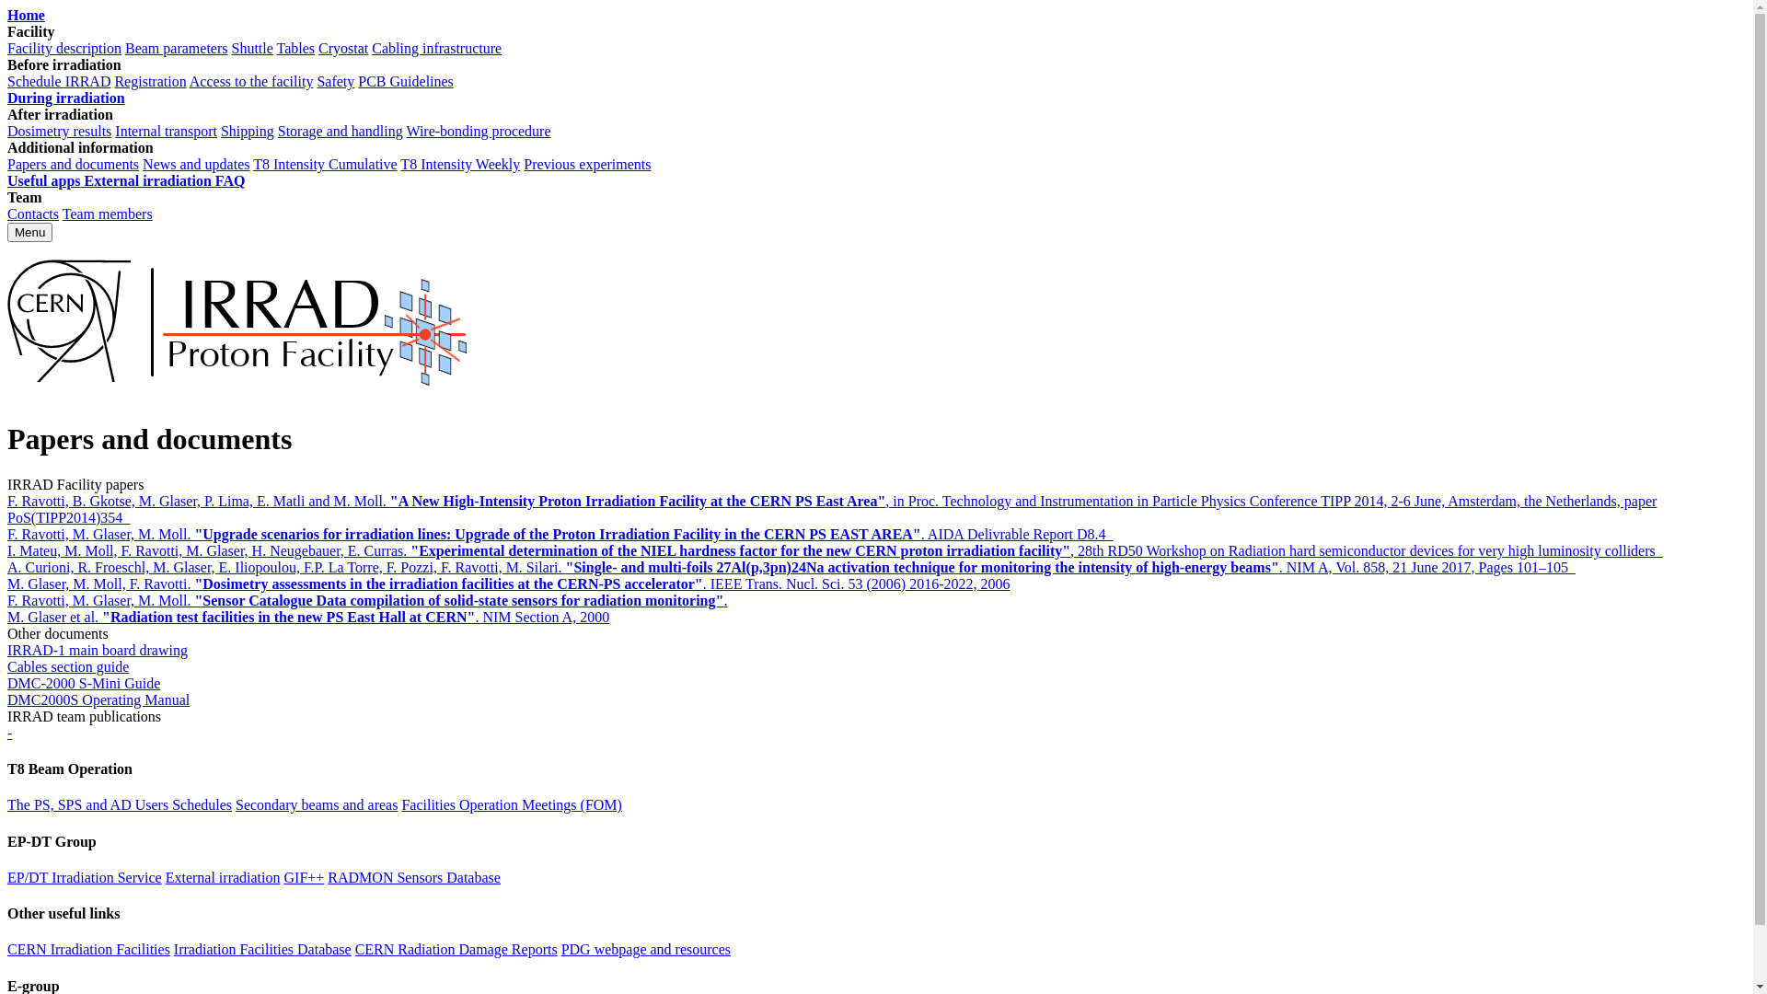  What do you see at coordinates (173, 949) in the screenshot?
I see `'Irradiation Facilities Database'` at bounding box center [173, 949].